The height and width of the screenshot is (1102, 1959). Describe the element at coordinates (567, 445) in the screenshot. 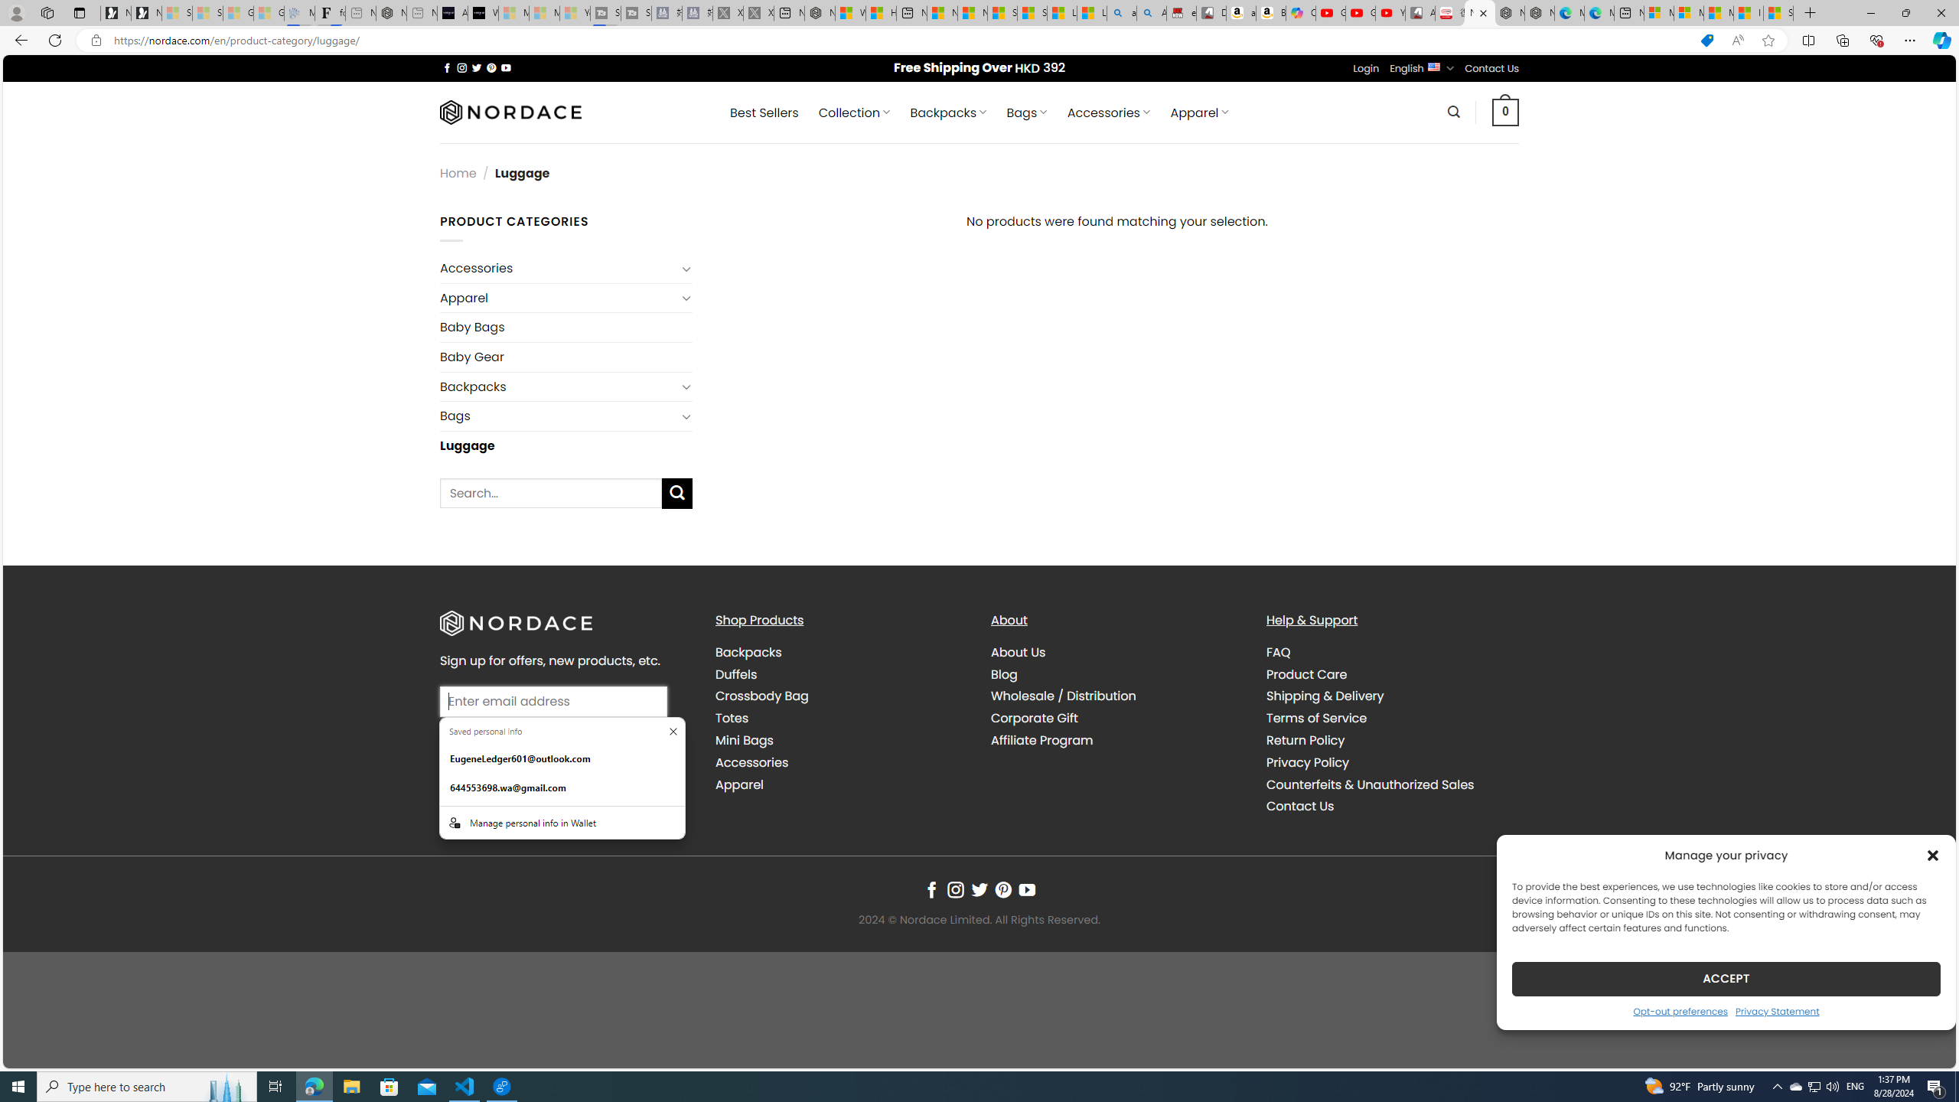

I see `'Luggage'` at that location.